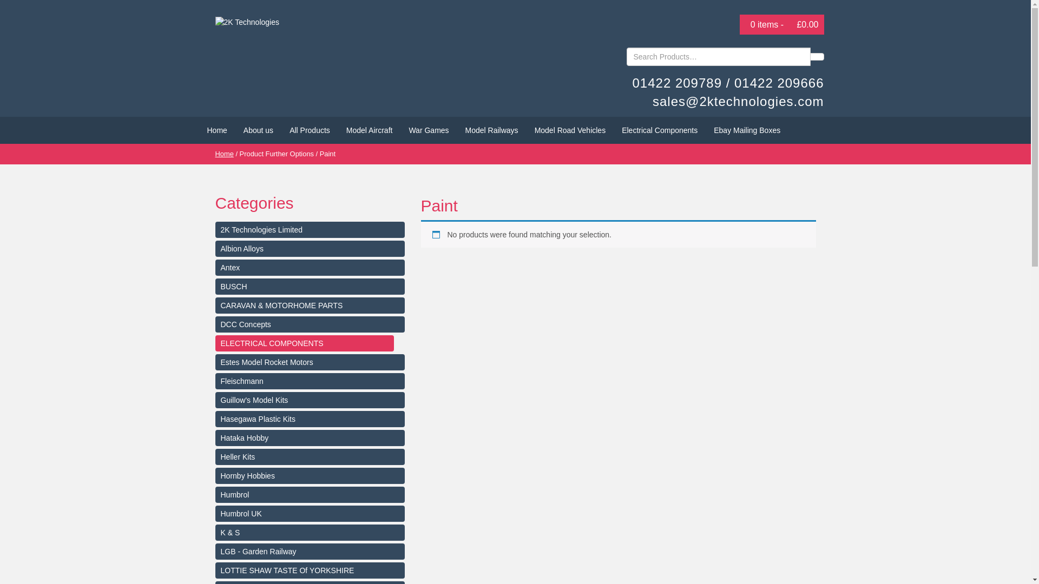 This screenshot has width=1039, height=584. What do you see at coordinates (309, 532) in the screenshot?
I see `'K & S'` at bounding box center [309, 532].